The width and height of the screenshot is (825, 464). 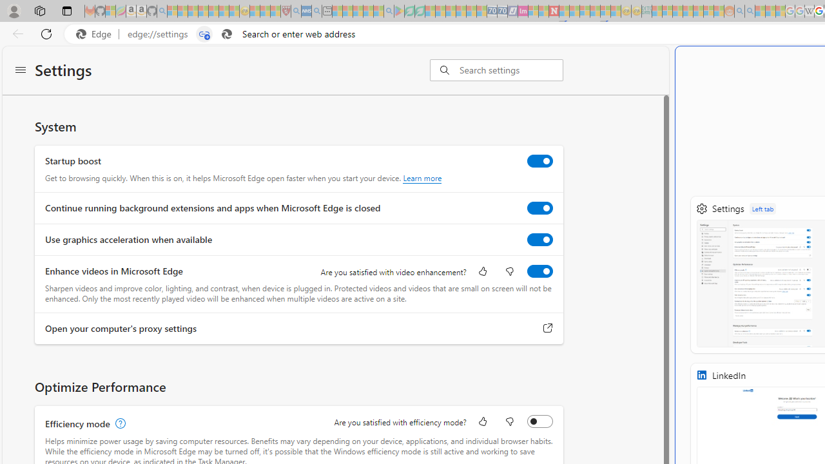 What do you see at coordinates (809, 11) in the screenshot?
I see `'Target page - Wikipedia - Sleeping'` at bounding box center [809, 11].